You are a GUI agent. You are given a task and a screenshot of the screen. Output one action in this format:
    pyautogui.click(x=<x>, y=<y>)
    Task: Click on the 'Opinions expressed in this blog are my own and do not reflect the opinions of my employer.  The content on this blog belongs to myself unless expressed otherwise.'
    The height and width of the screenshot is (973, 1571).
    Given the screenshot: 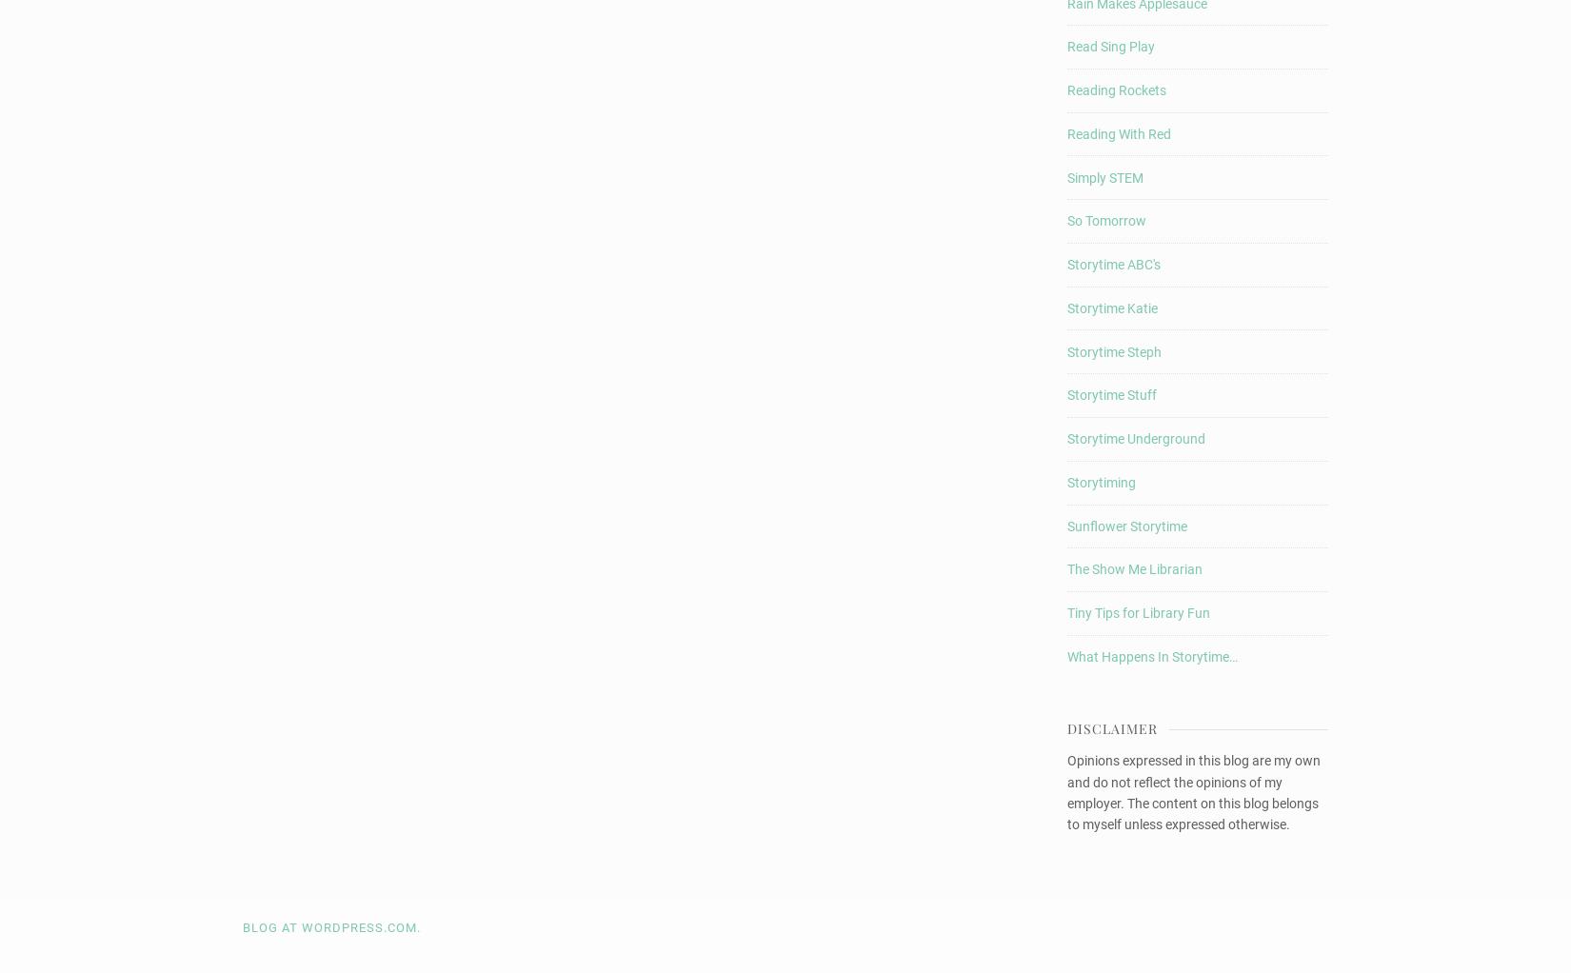 What is the action you would take?
    pyautogui.click(x=1193, y=791)
    